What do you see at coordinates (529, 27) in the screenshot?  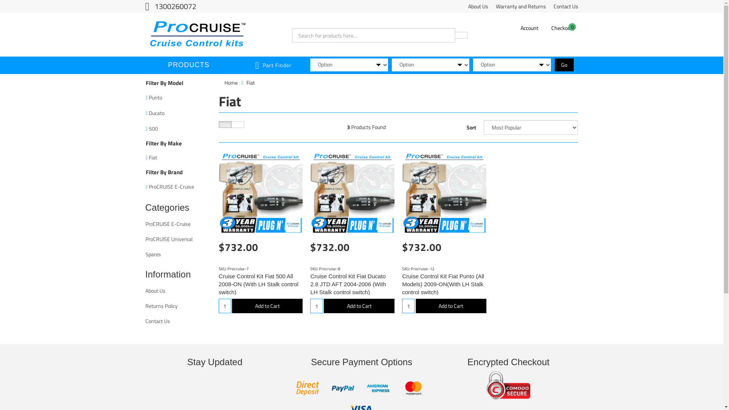 I see `'Account'` at bounding box center [529, 27].